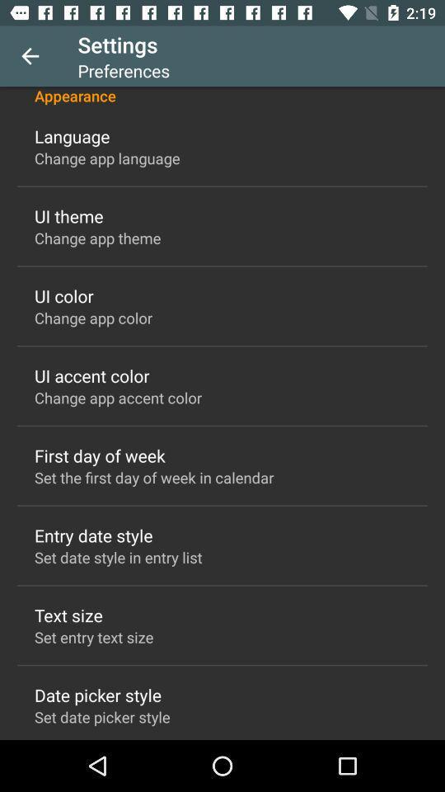 The image size is (445, 792). Describe the element at coordinates (154, 477) in the screenshot. I see `the set the first at the center` at that location.